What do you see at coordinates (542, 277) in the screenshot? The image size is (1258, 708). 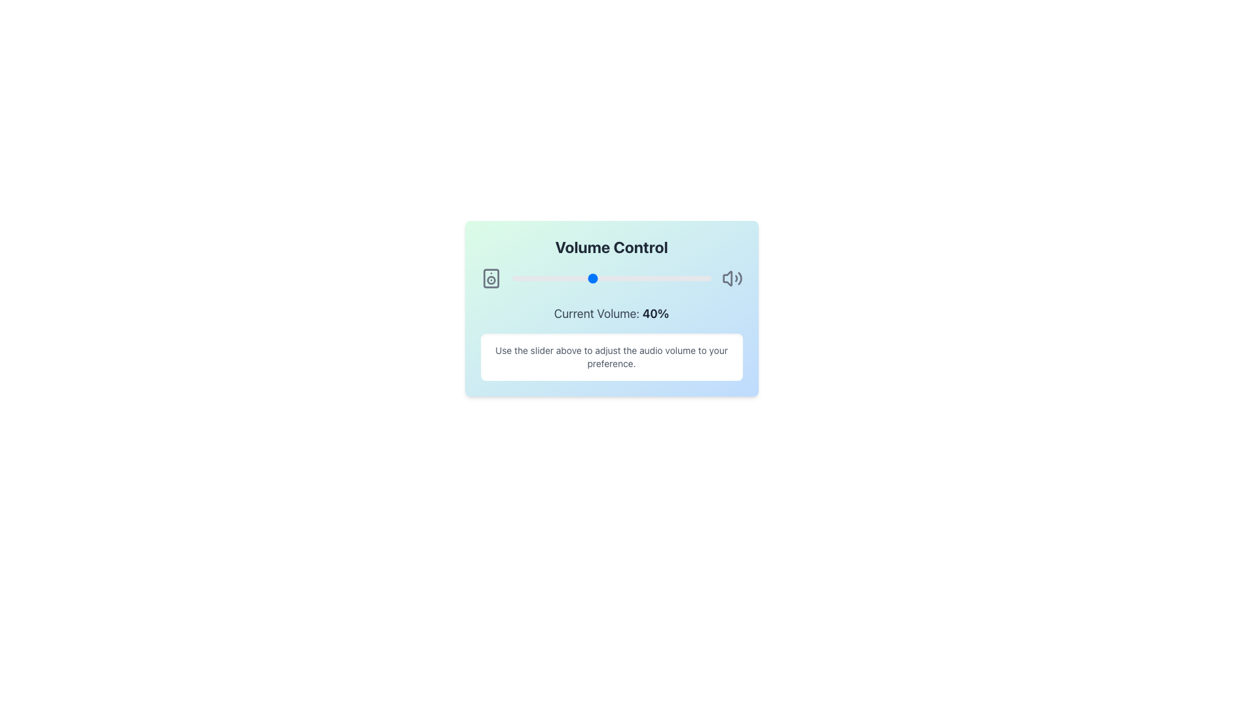 I see `the volume level` at bounding box center [542, 277].